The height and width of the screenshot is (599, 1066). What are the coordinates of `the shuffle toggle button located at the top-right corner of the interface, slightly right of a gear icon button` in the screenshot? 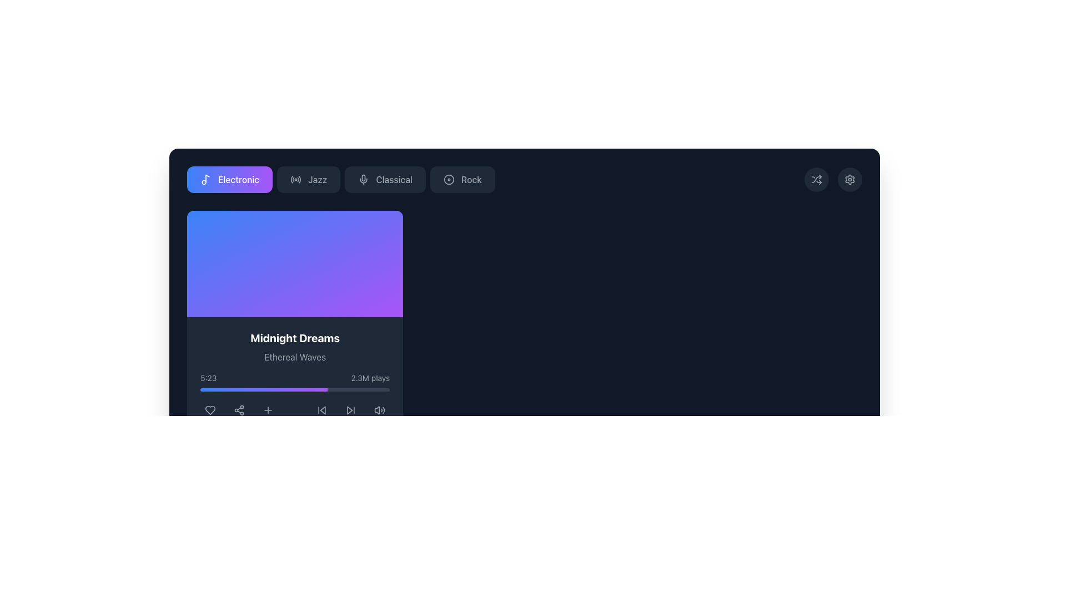 It's located at (816, 179).